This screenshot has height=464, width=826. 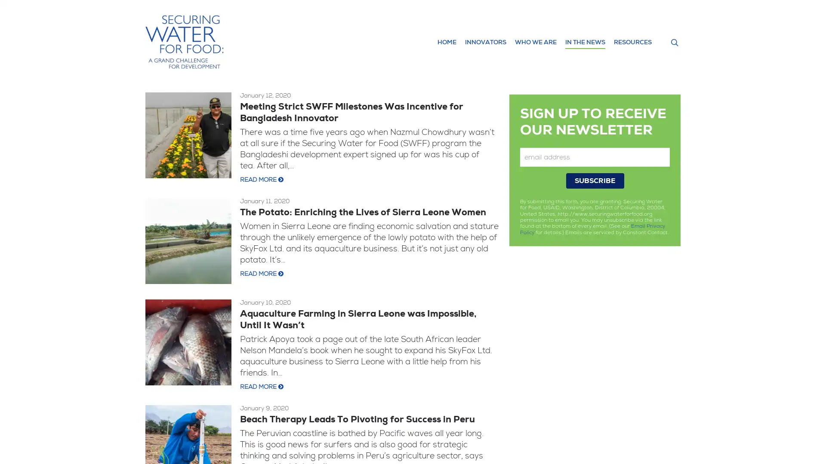 I want to click on SUBSCRIBE, so click(x=594, y=180).